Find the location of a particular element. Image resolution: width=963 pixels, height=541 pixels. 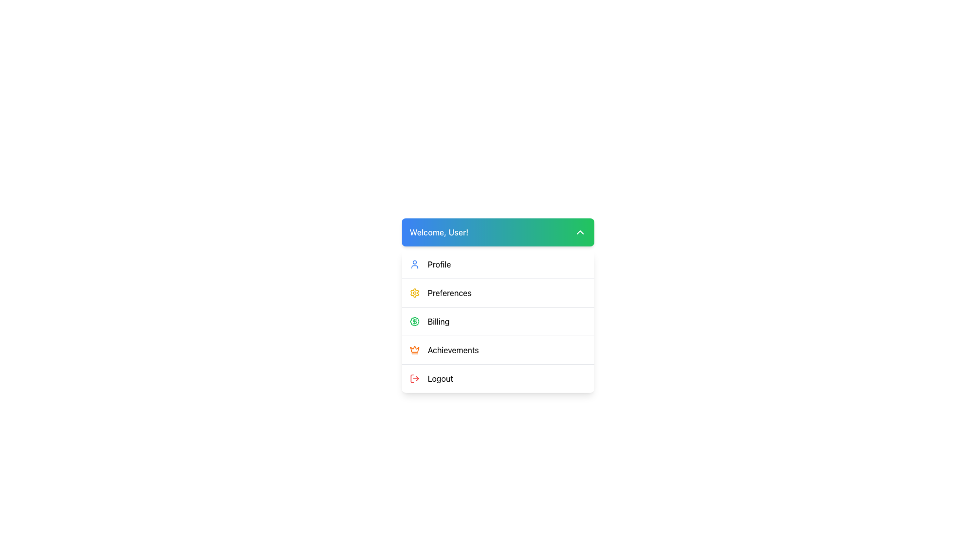

the settings icon located to the left of the 'Preferences' label in the dropdown menu is located at coordinates (414, 293).